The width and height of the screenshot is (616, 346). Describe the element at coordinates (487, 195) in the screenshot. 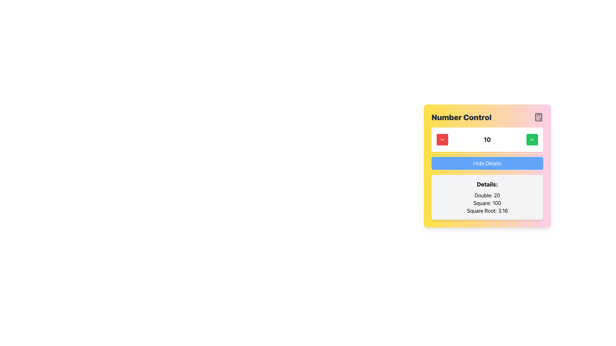

I see `the Text label displaying the numerical output labeled 'Double' with a value of 20, located in the lower section of the 'Details' card` at that location.